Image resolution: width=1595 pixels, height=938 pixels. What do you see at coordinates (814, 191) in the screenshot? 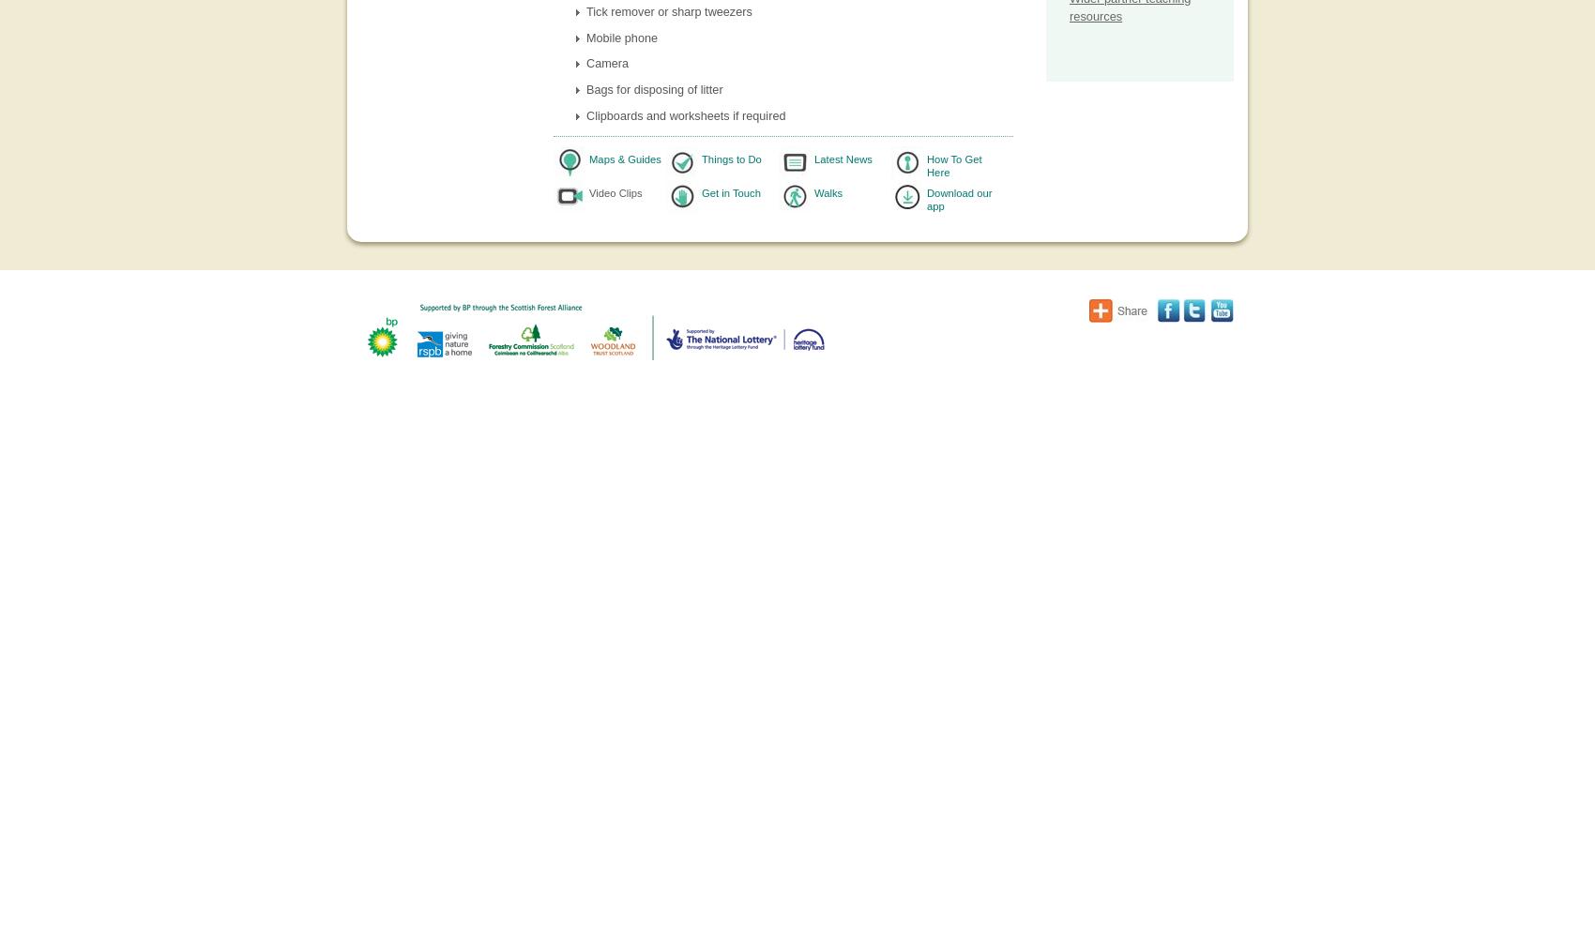
I see `'Walks'` at bounding box center [814, 191].